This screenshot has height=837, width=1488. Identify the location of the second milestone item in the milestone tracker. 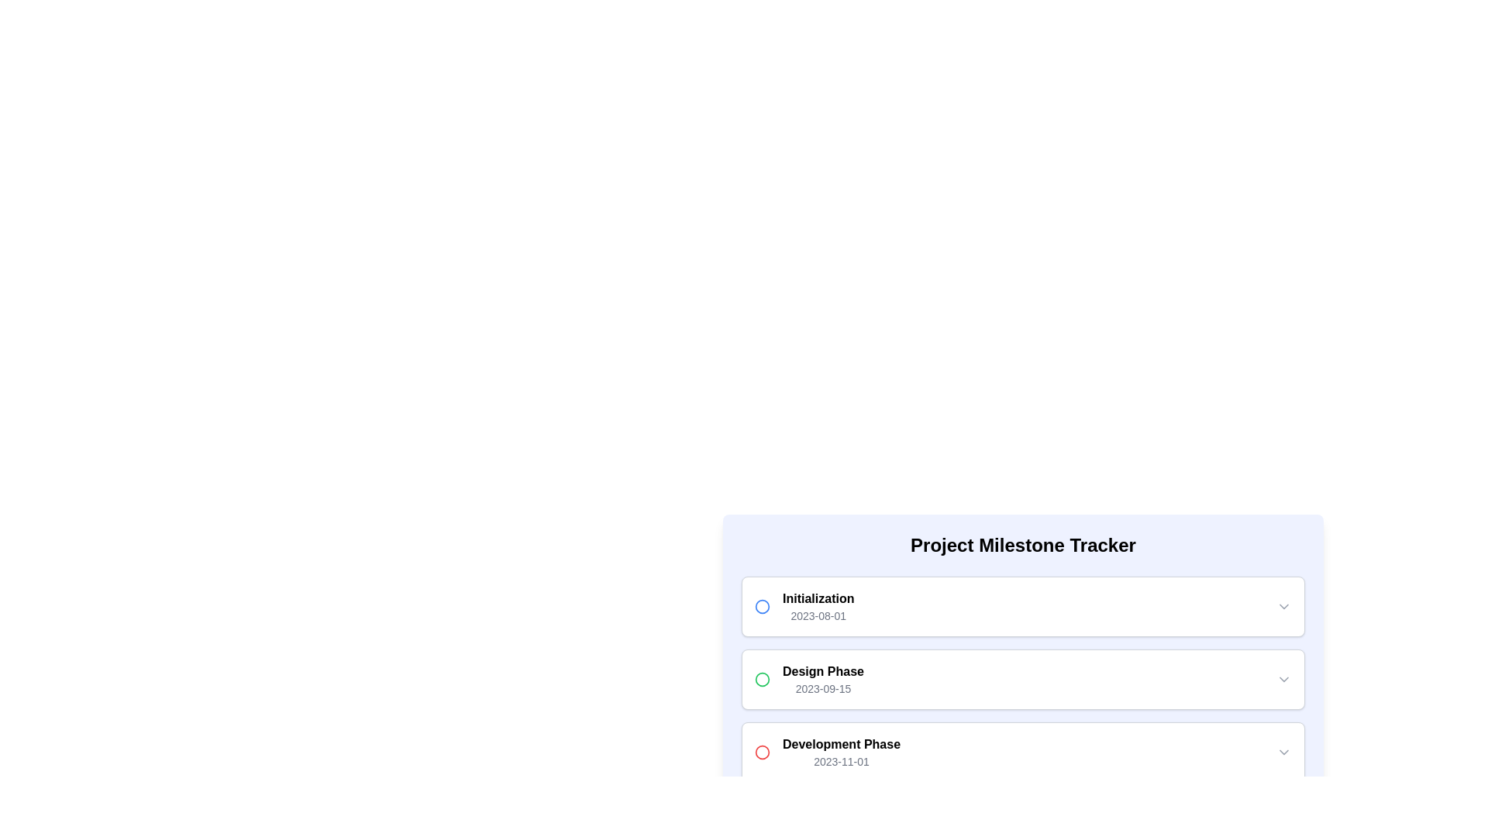
(1023, 678).